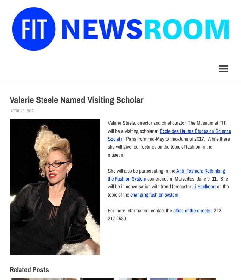 The image size is (241, 280). I want to click on 'Julianna Dow', so click(45, 111).